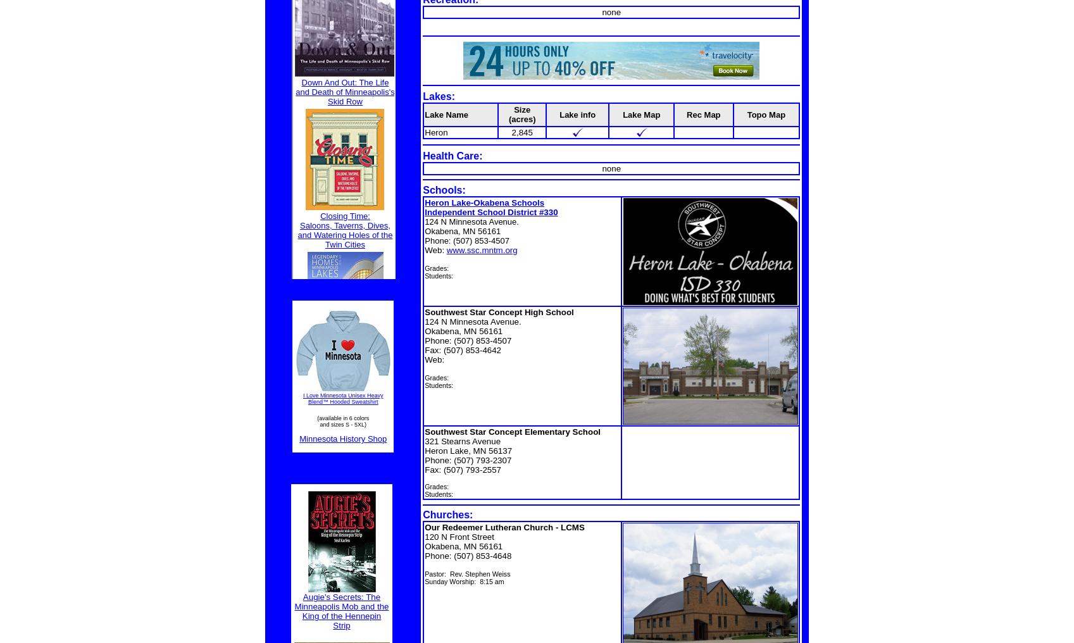 The height and width of the screenshot is (643, 1074). Describe the element at coordinates (463, 546) in the screenshot. I see `'Okabena, MN 56161'` at that location.